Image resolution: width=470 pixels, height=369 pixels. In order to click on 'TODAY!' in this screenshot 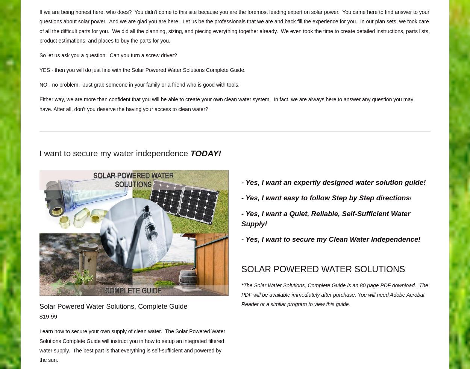, I will do `click(206, 153)`.